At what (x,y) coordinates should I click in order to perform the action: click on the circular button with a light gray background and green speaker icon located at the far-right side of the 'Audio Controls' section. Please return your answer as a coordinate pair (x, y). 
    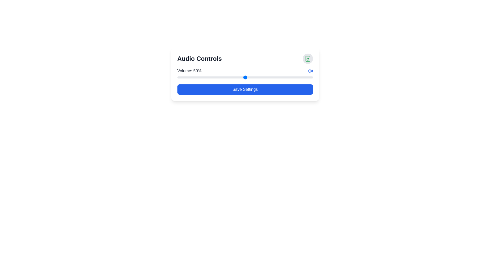
    Looking at the image, I should click on (308, 58).